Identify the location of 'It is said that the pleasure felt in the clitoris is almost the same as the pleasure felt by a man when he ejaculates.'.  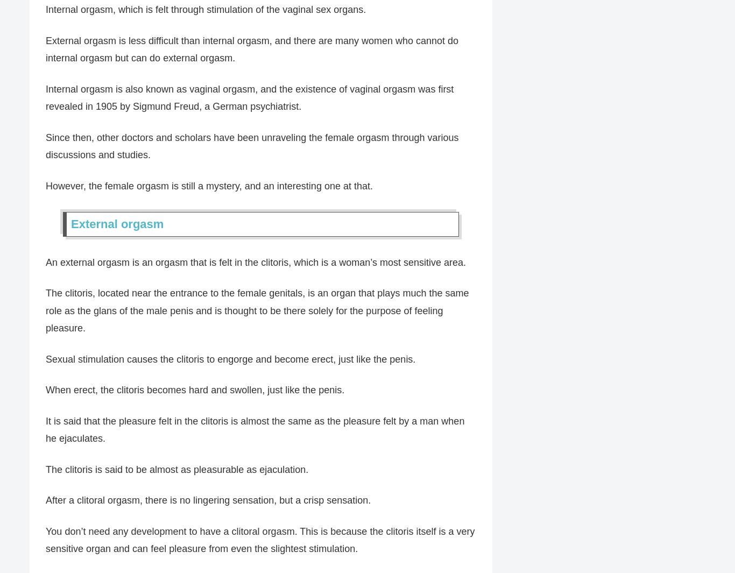
(255, 429).